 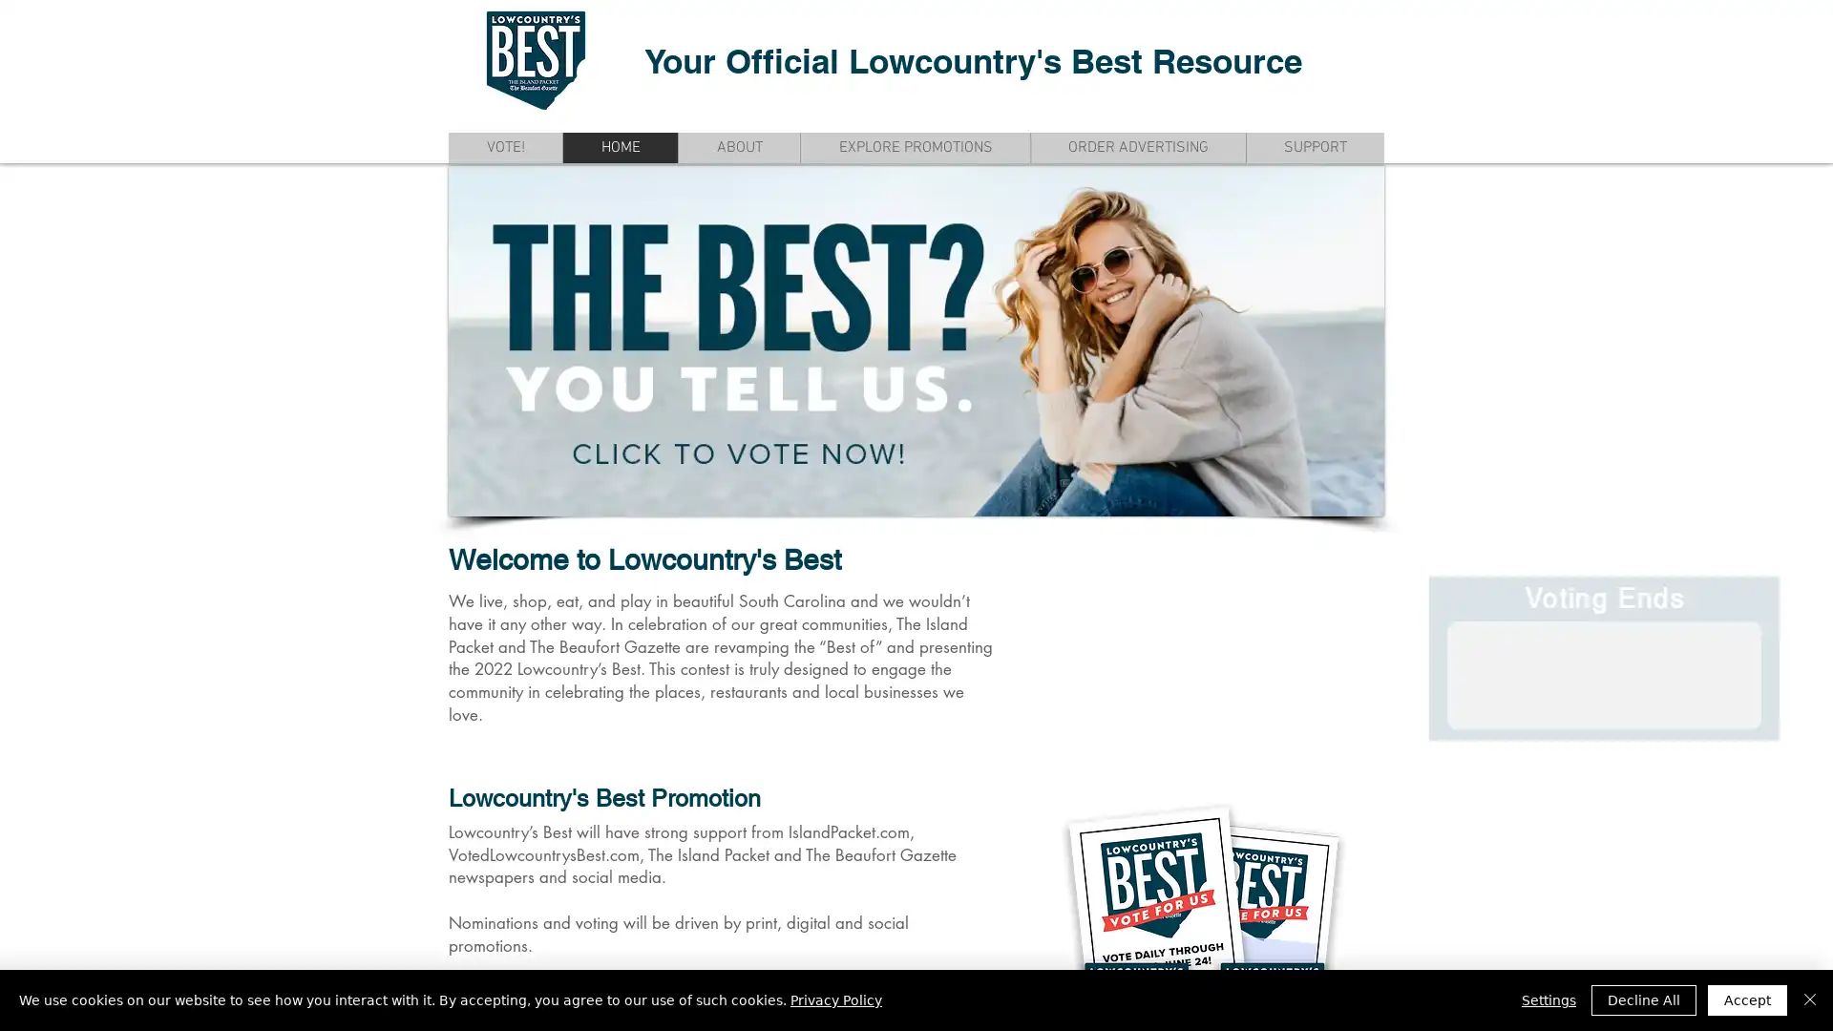 I want to click on Accept, so click(x=1747, y=999).